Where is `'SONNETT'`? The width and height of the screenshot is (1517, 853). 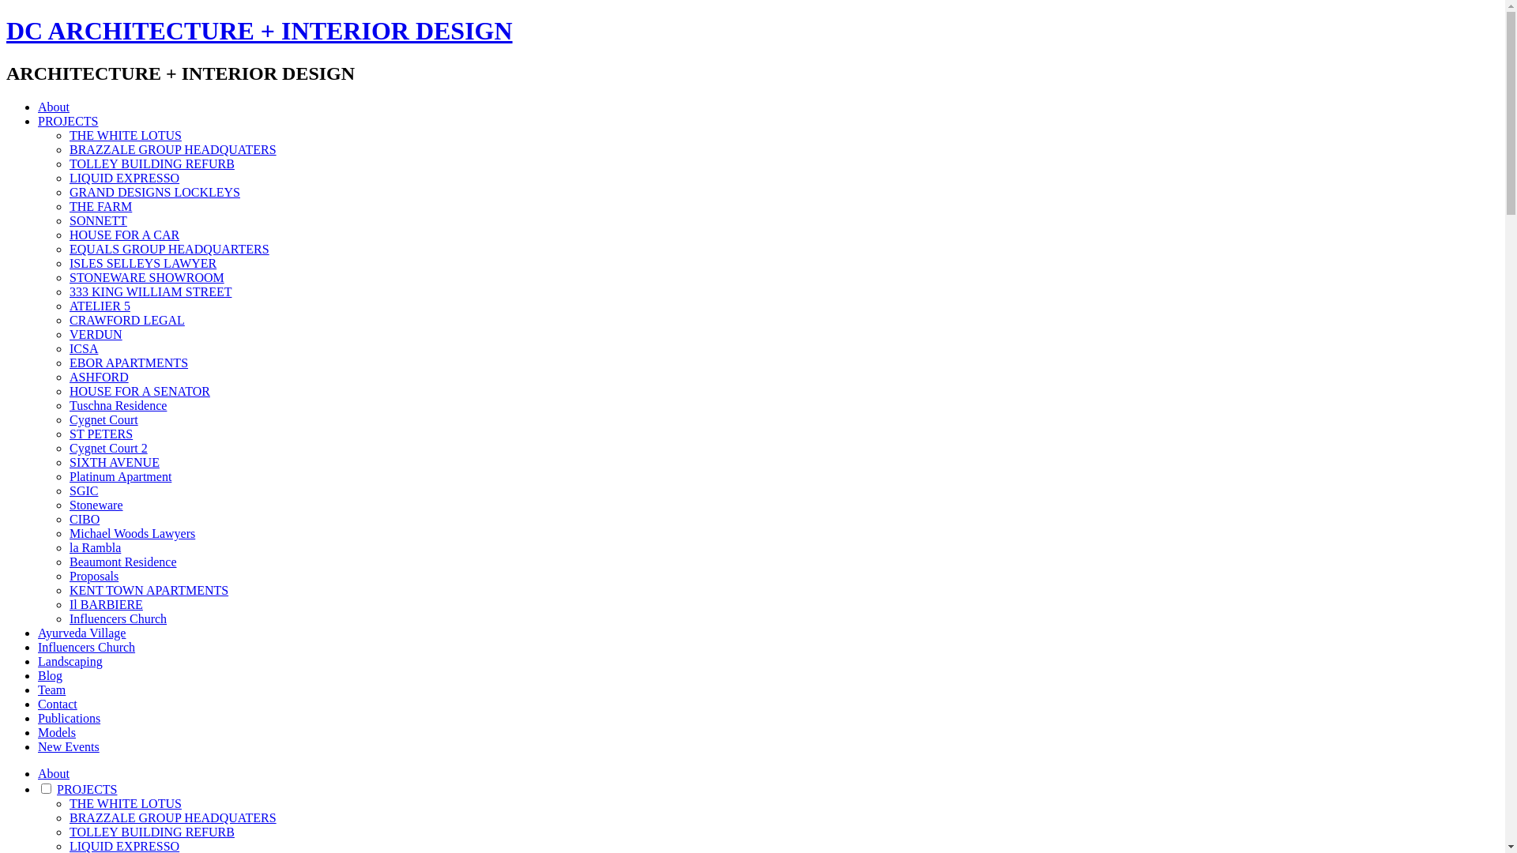
'SONNETT' is located at coordinates (68, 220).